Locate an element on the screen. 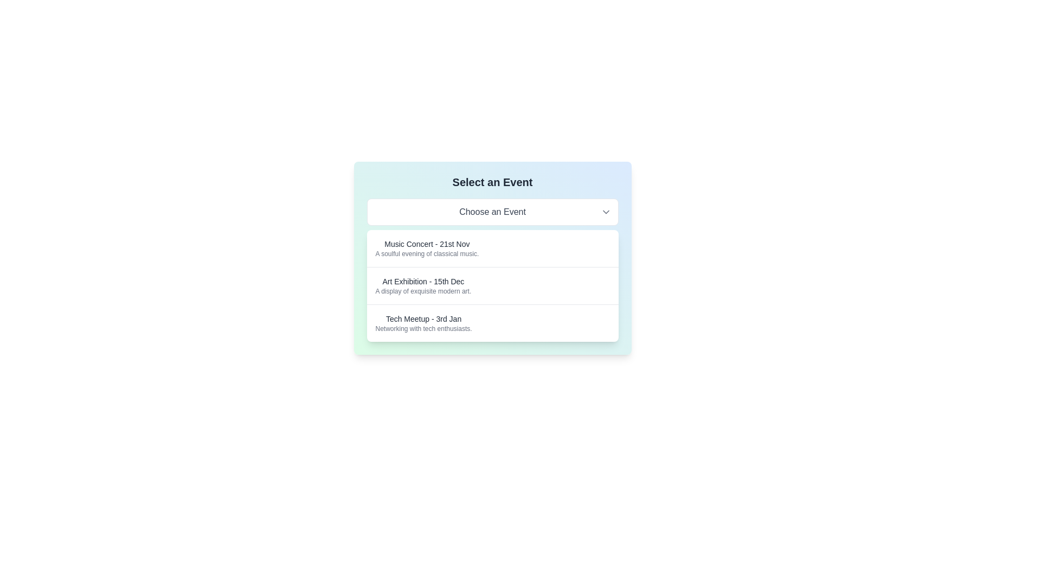 This screenshot has width=1041, height=586. the list item displaying 'Tech Meetup - 3rd Jan' is located at coordinates (492, 323).